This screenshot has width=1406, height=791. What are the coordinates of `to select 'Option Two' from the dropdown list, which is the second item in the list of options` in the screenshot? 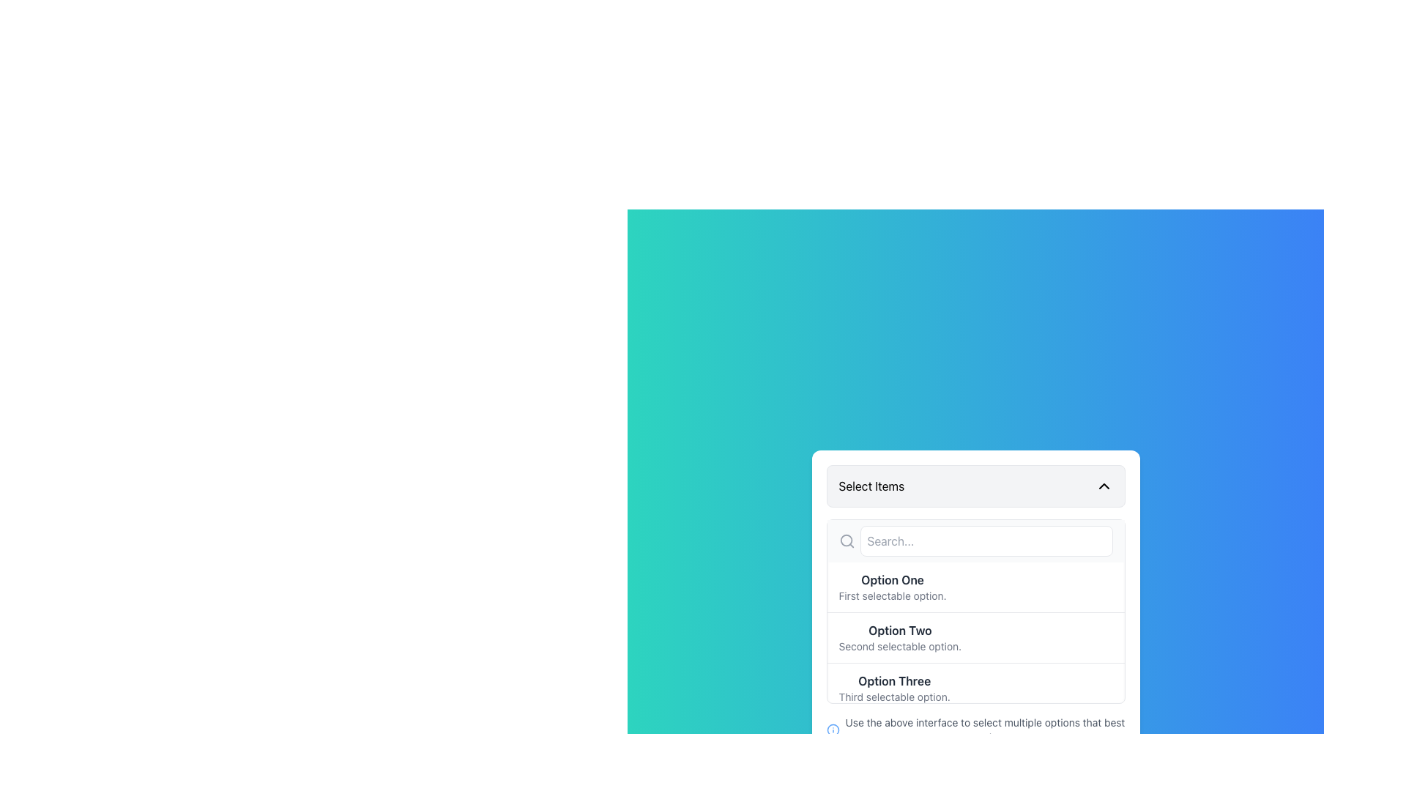 It's located at (975, 636).